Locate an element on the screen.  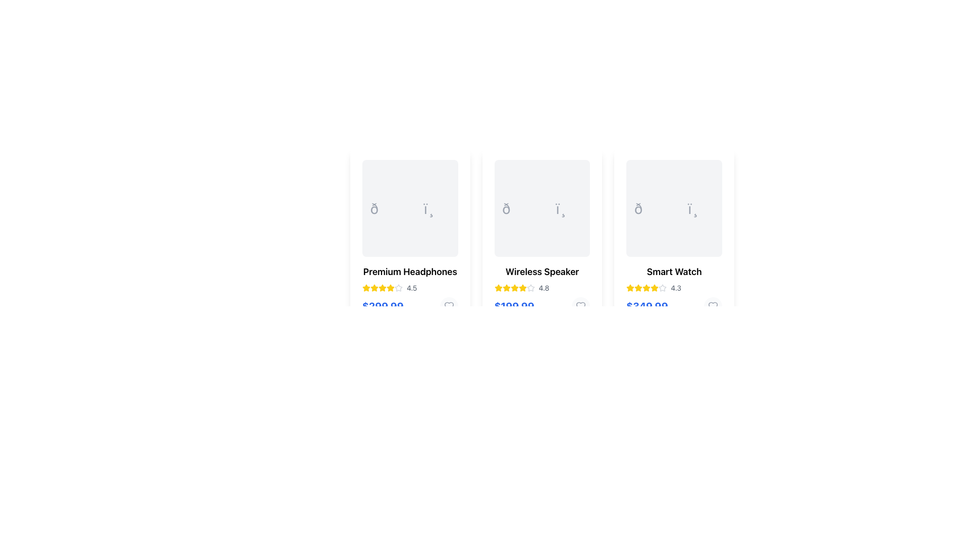
the heart-shaped icon button at the bottom-right corner of the 'Premium Headphones' card is located at coordinates (448, 305).